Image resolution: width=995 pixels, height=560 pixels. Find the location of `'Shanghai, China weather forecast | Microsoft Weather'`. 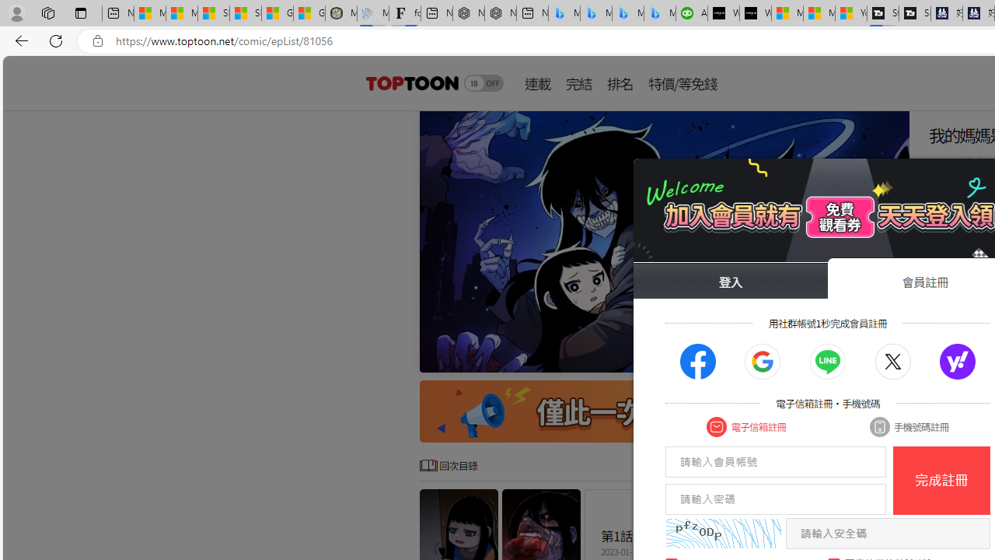

'Shanghai, China weather forecast | Microsoft Weather' is located at coordinates (245, 13).